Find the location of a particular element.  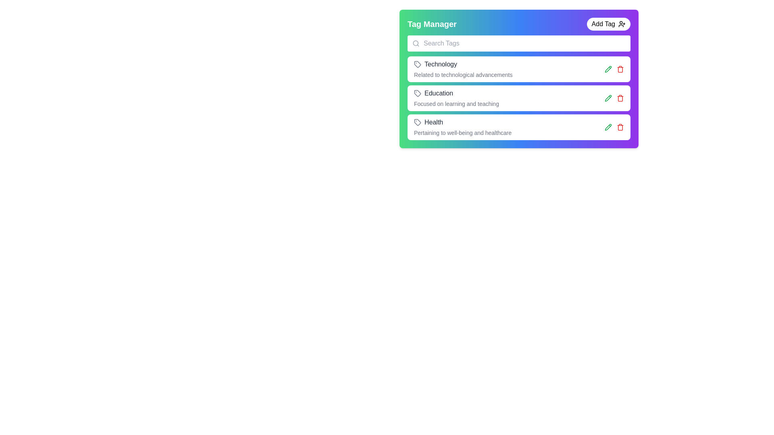

the tag icon associated with the 'Health' row in the Tag Manager section is located at coordinates (418, 122).